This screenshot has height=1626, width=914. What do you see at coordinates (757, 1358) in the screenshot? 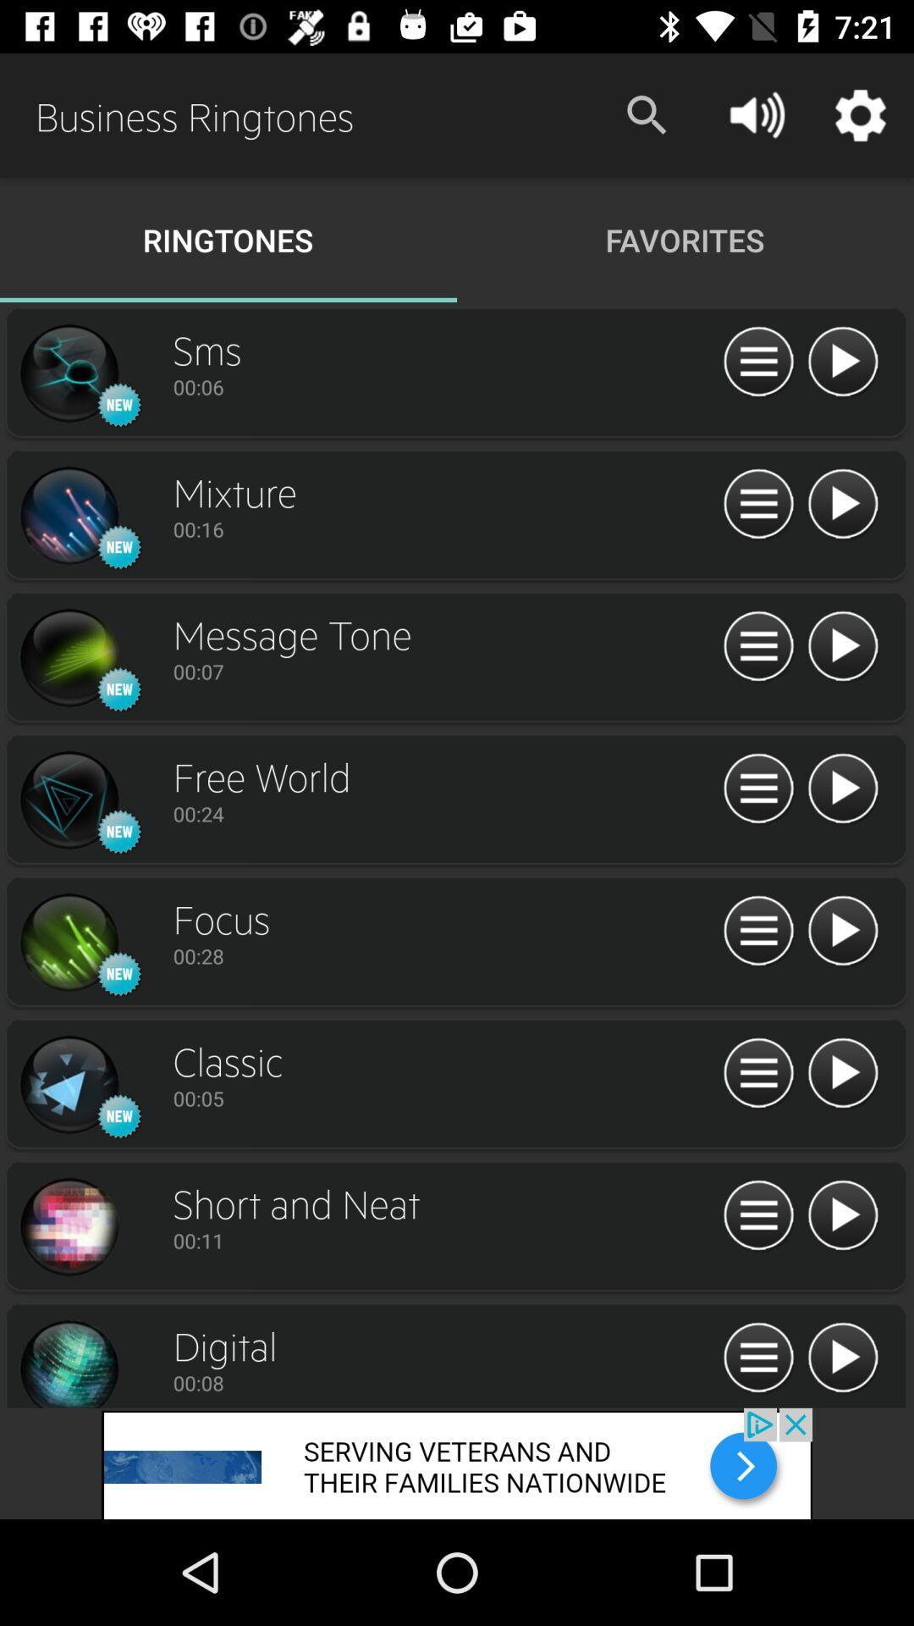
I see `open list` at bounding box center [757, 1358].